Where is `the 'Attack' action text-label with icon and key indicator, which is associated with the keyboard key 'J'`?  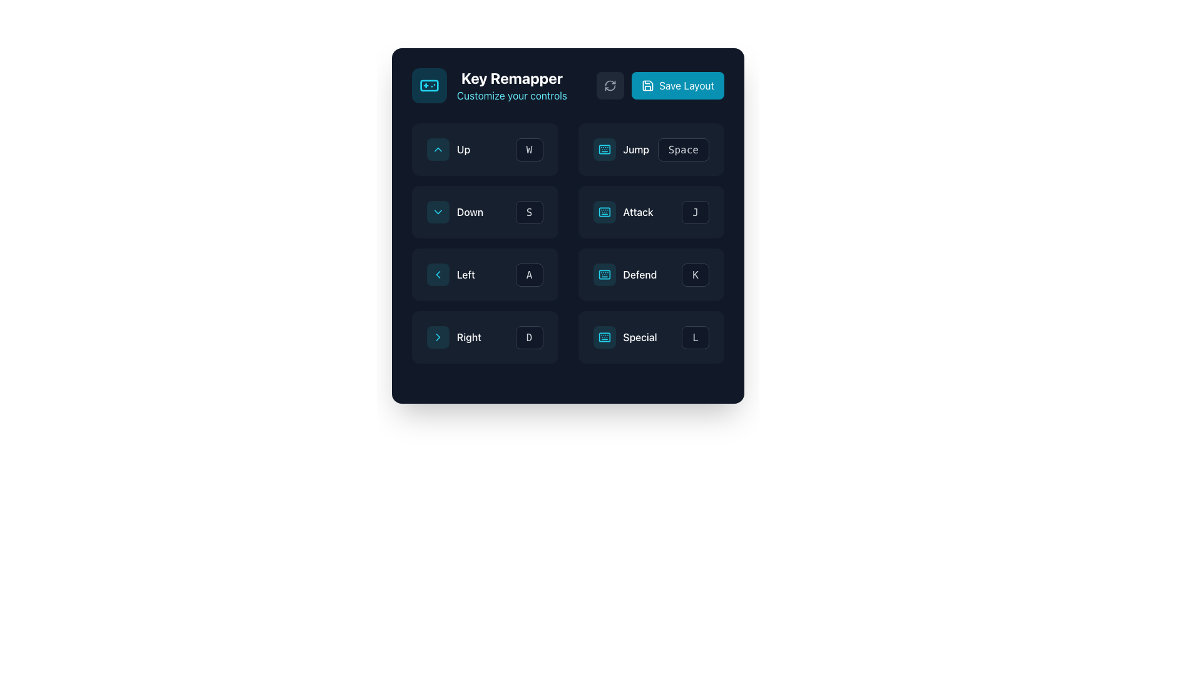 the 'Attack' action text-label with icon and key indicator, which is associated with the keyboard key 'J' is located at coordinates (651, 212).